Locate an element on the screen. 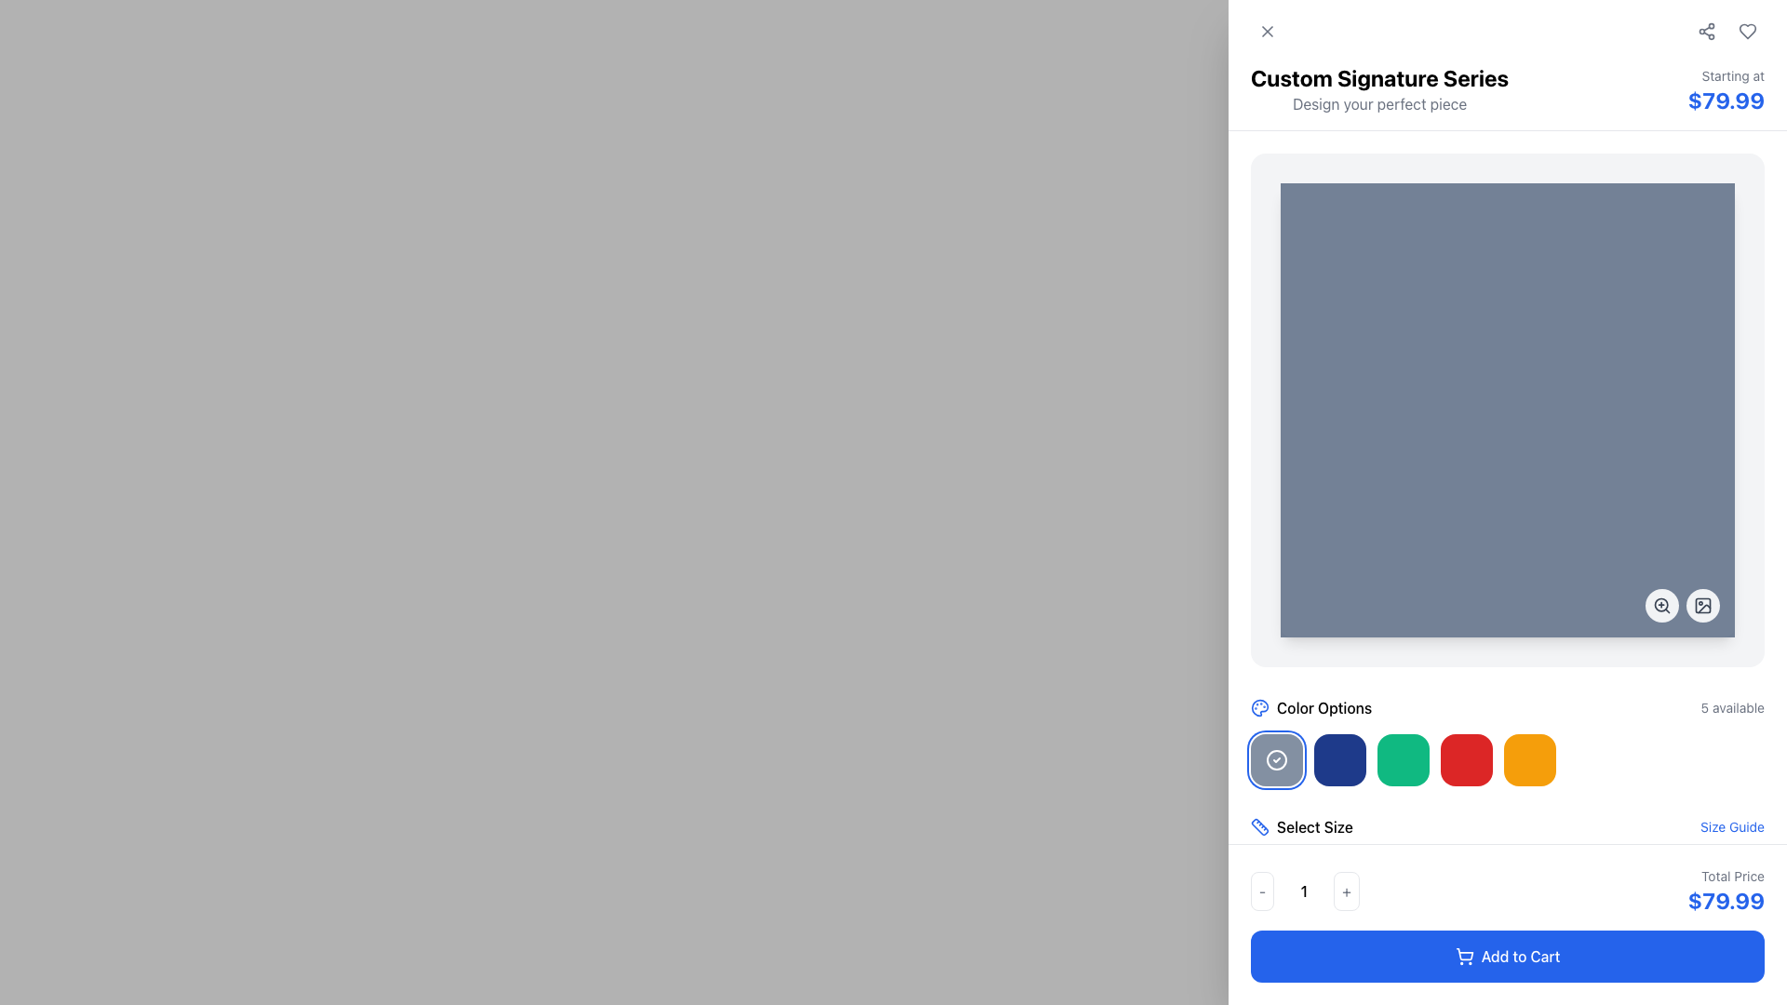 The image size is (1787, 1005). the decorative SVG graphics icon indicating the active color selection within the 'Color Options' section, specifically the first circular button is located at coordinates (1276, 760).